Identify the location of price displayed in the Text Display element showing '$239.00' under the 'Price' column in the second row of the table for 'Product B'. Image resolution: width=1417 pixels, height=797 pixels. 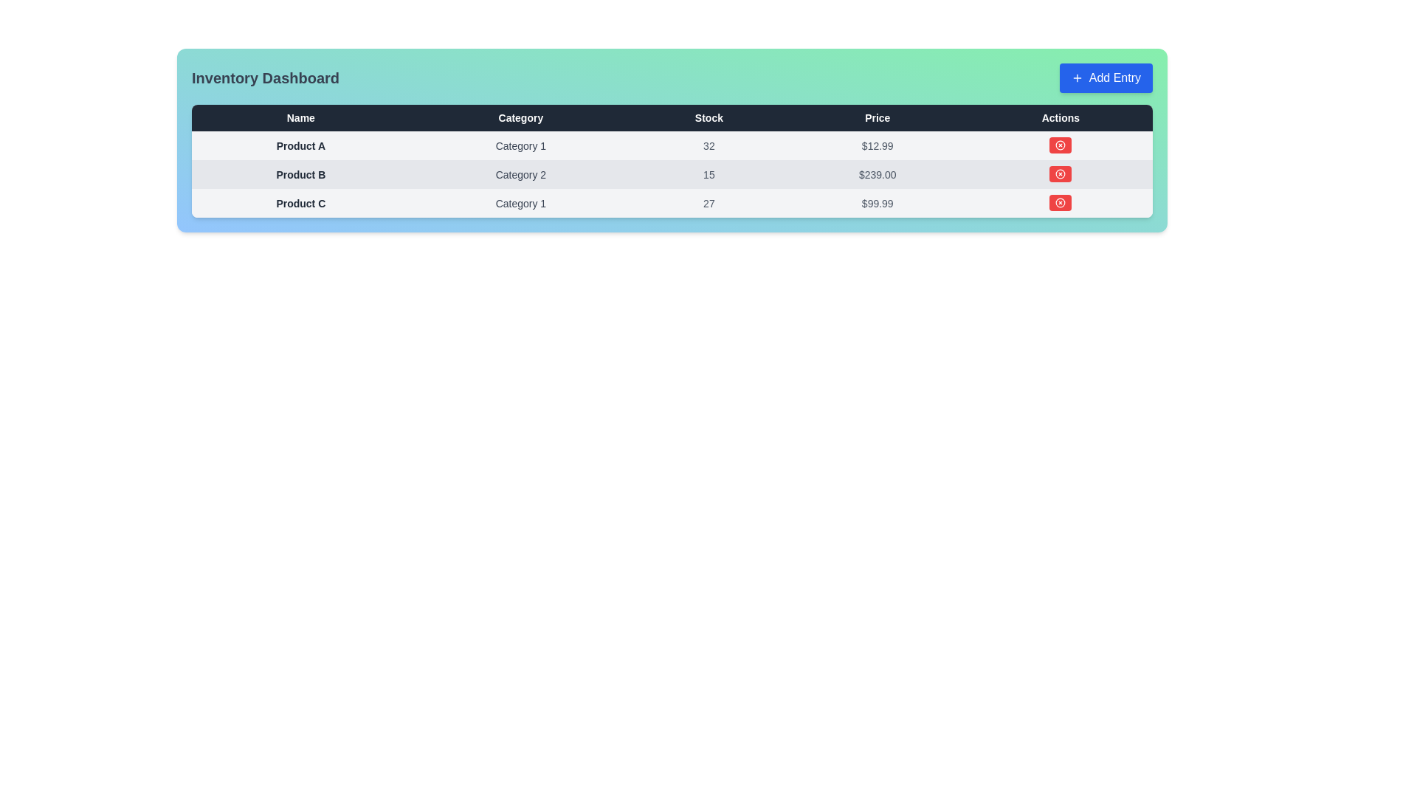
(878, 173).